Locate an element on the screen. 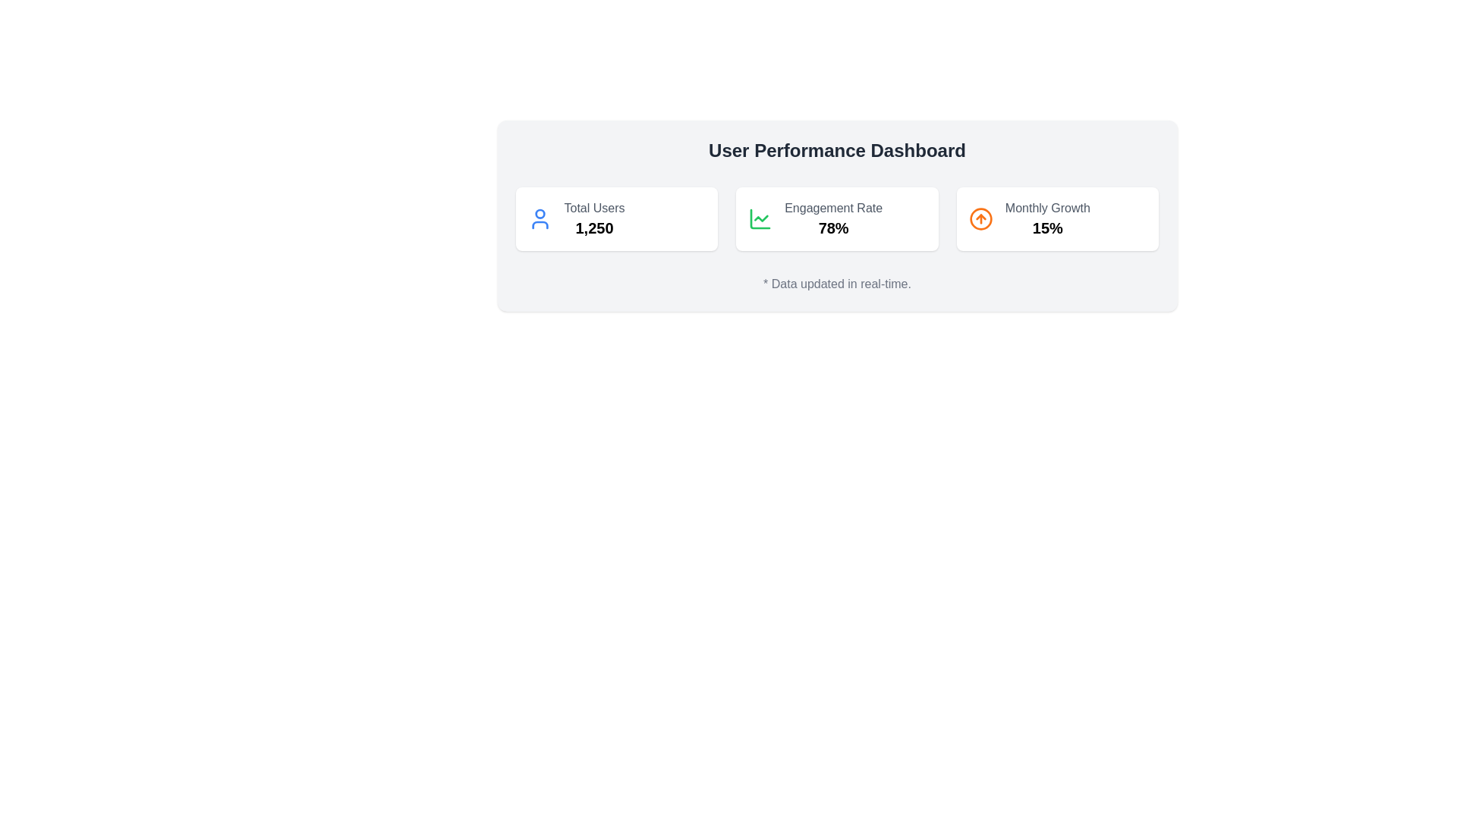 Image resolution: width=1457 pixels, height=819 pixels. text label that indicates the meaning of the numeric value ('15%') displayed below it, located in the rightmost panel of the dashboard above the '15%' text is located at coordinates (1046, 208).